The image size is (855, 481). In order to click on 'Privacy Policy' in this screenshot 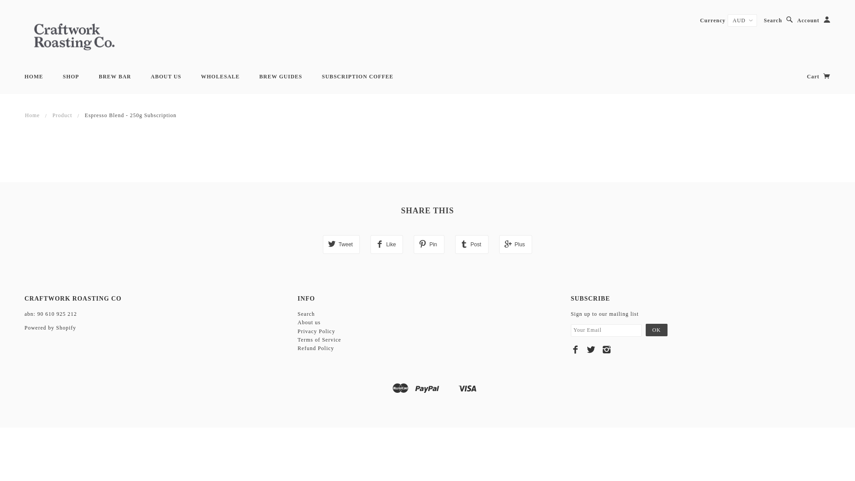, I will do `click(316, 331)`.